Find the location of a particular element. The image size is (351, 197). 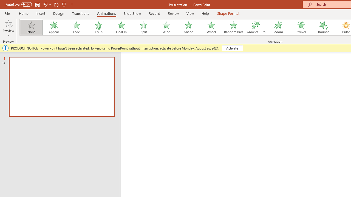

'Split' is located at coordinates (143, 27).